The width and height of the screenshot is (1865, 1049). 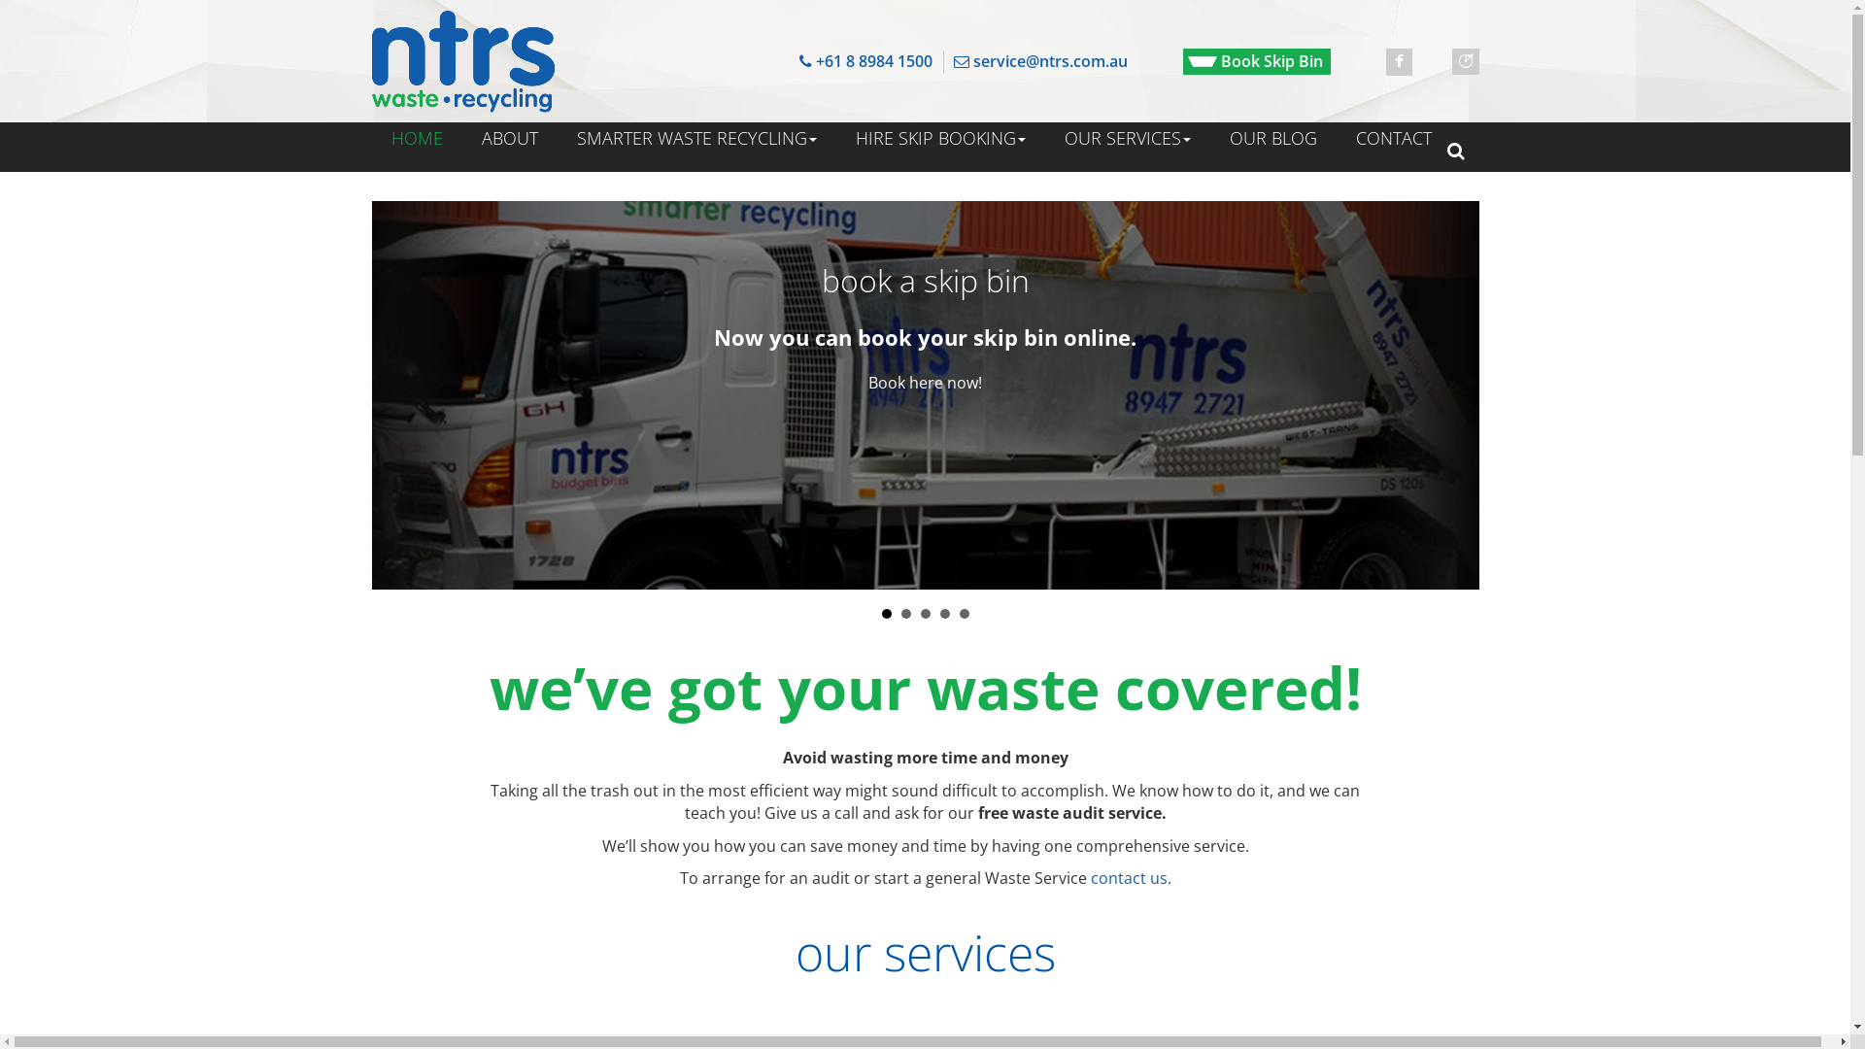 I want to click on '4', so click(x=945, y=614).